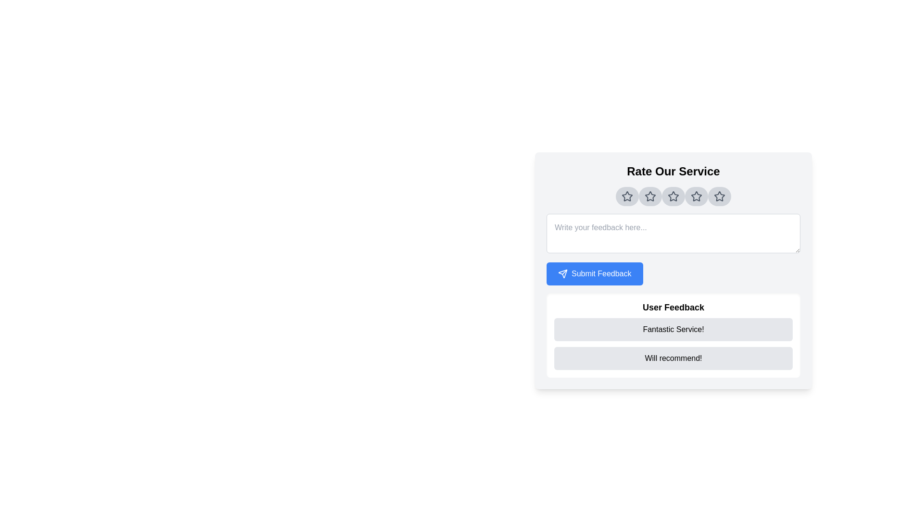 Image resolution: width=923 pixels, height=519 pixels. I want to click on the first star icon in the rating system to rate the service, so click(627, 196).